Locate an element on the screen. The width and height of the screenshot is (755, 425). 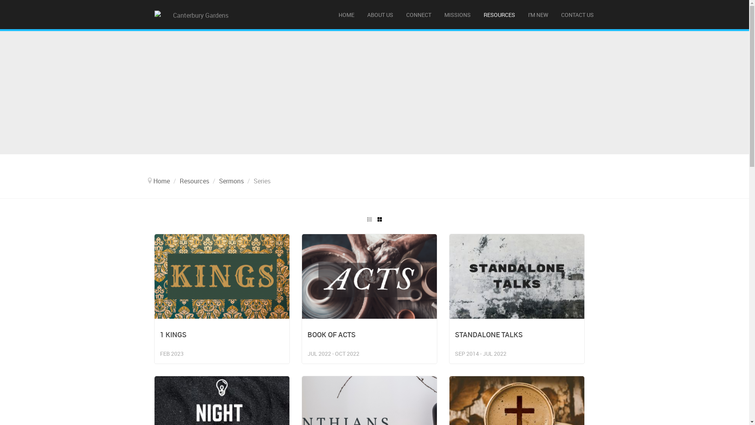
'Home' is located at coordinates (161, 181).